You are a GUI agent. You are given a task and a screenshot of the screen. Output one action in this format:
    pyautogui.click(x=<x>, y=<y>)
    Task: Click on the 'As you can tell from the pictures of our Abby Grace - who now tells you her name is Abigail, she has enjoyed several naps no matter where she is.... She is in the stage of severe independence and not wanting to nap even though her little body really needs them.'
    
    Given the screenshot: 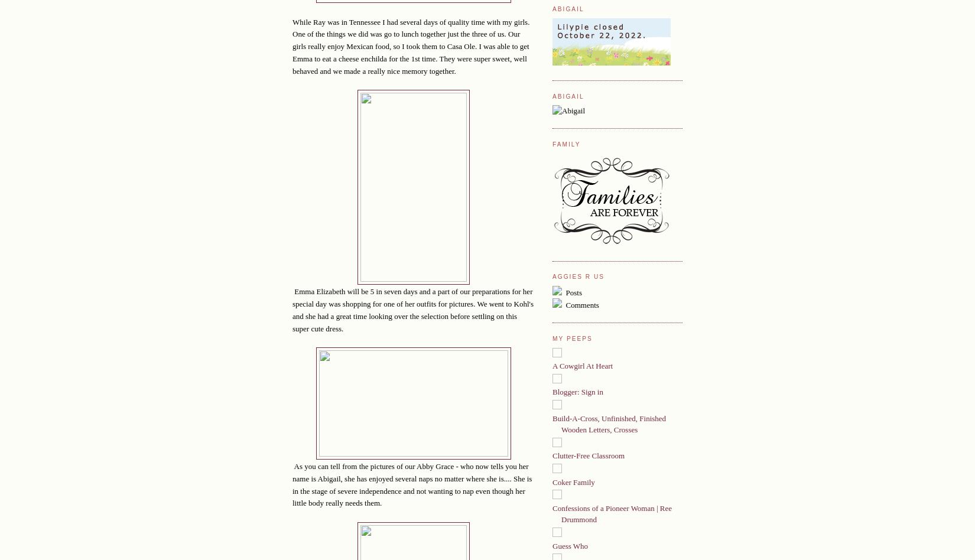 What is the action you would take?
    pyautogui.click(x=411, y=484)
    